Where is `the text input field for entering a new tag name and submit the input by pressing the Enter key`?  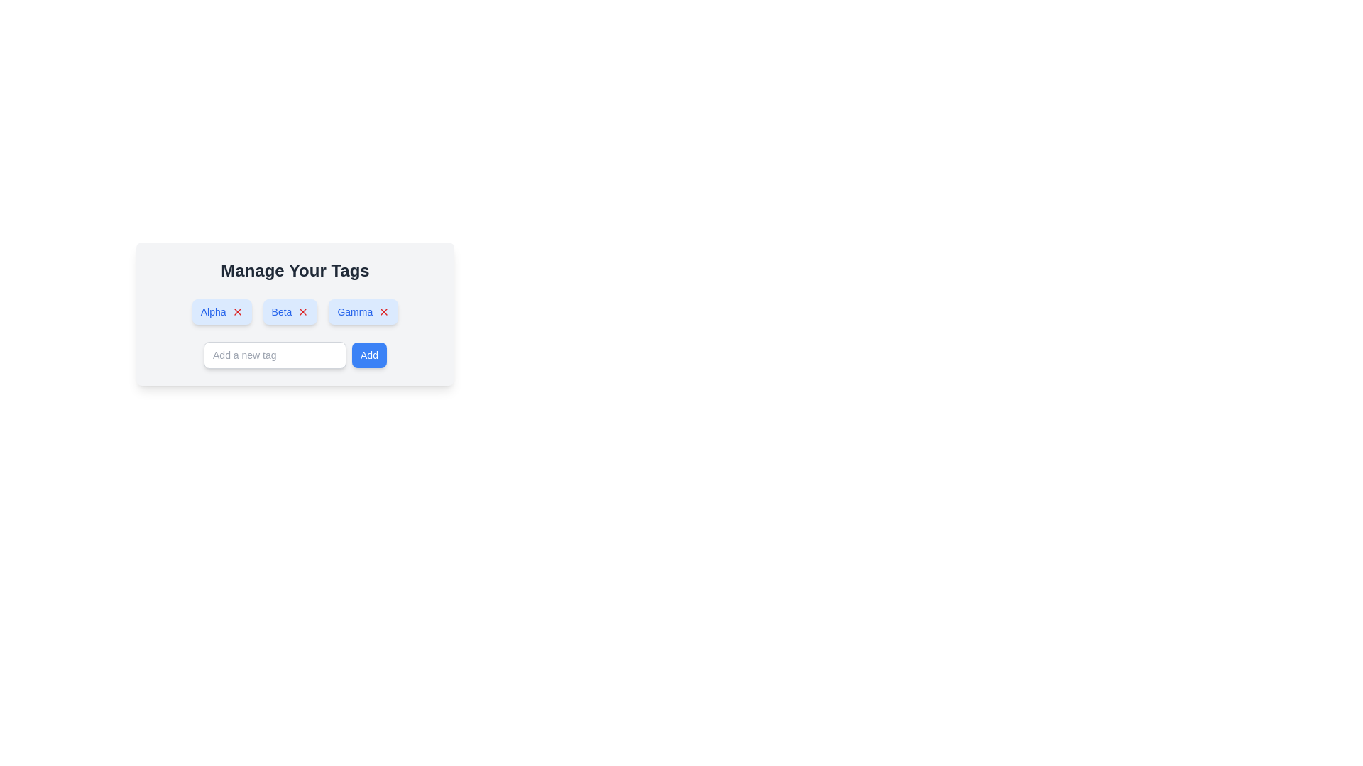
the text input field for entering a new tag name and submit the input by pressing the Enter key is located at coordinates (295, 355).